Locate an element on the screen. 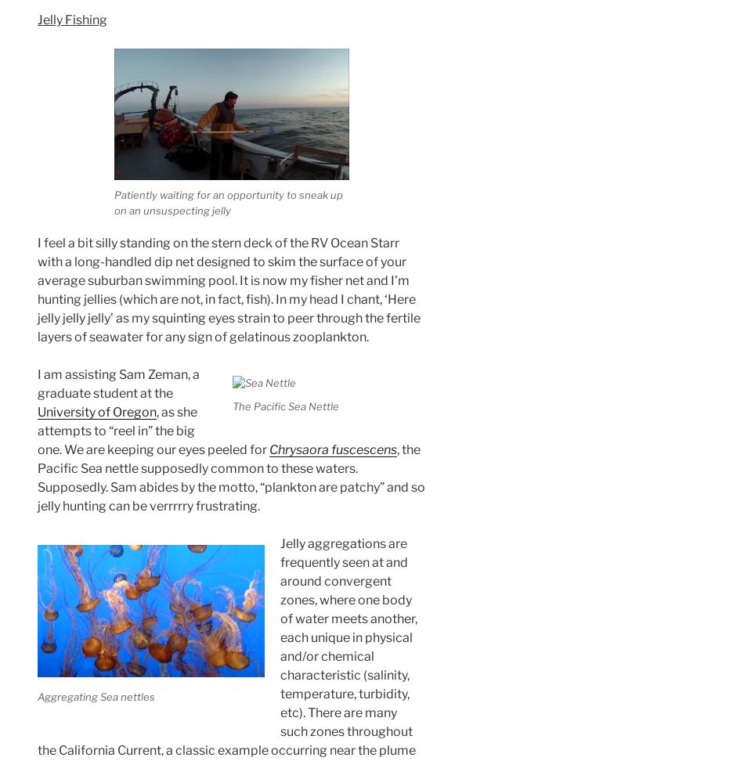 The height and width of the screenshot is (761, 744). 'I am assisting Sam Zeman, a graduate student at the' is located at coordinates (118, 383).